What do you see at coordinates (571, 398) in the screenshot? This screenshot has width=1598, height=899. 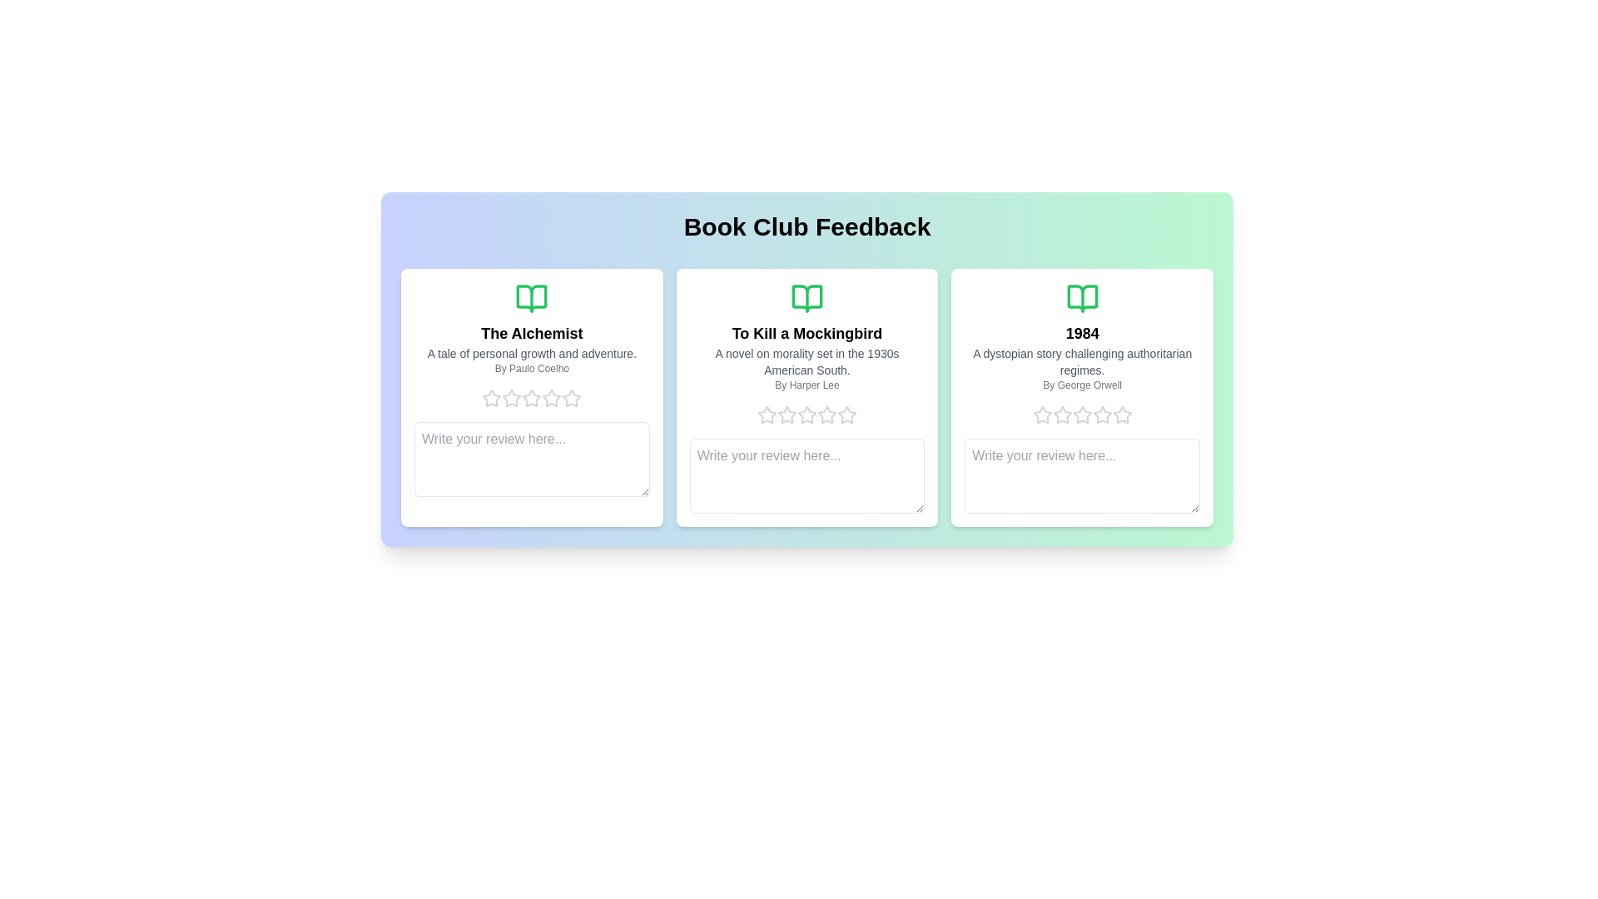 I see `the third star-shaped icon in the star rating component below the title 'The Alchemist' to rate it` at bounding box center [571, 398].